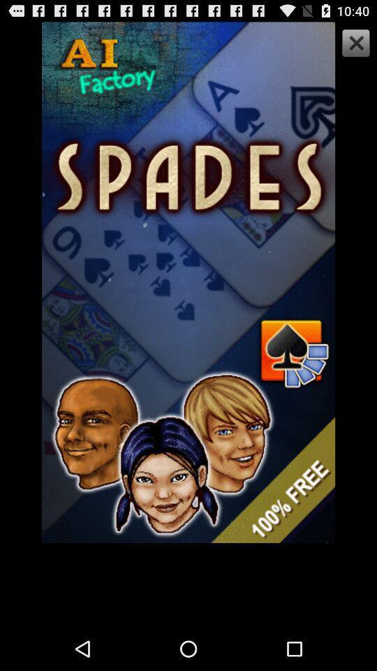 The width and height of the screenshot is (377, 671). Describe the element at coordinates (354, 45) in the screenshot. I see `delete option` at that location.